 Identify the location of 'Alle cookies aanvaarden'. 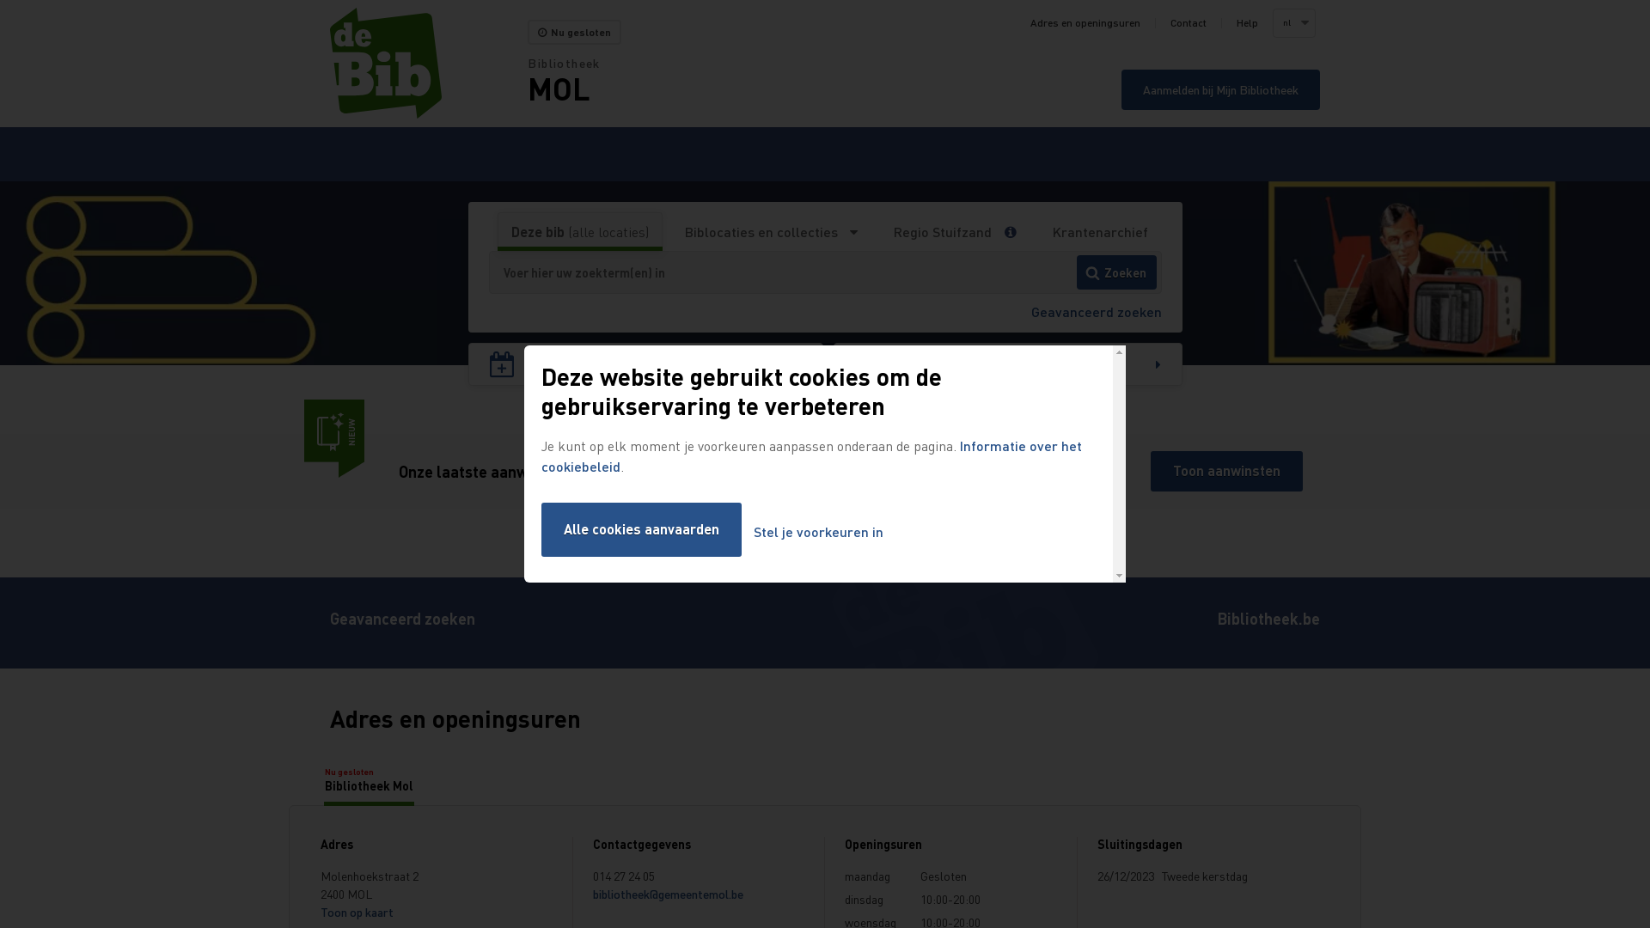
(640, 528).